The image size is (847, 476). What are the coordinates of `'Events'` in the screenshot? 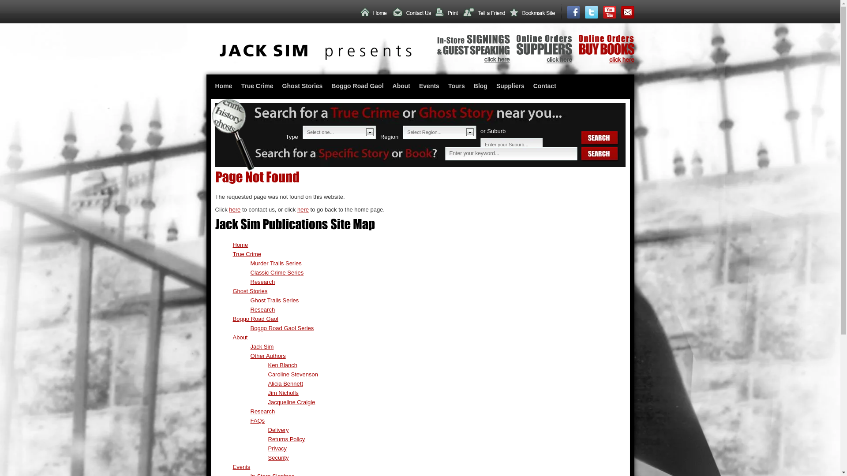 It's located at (429, 86).